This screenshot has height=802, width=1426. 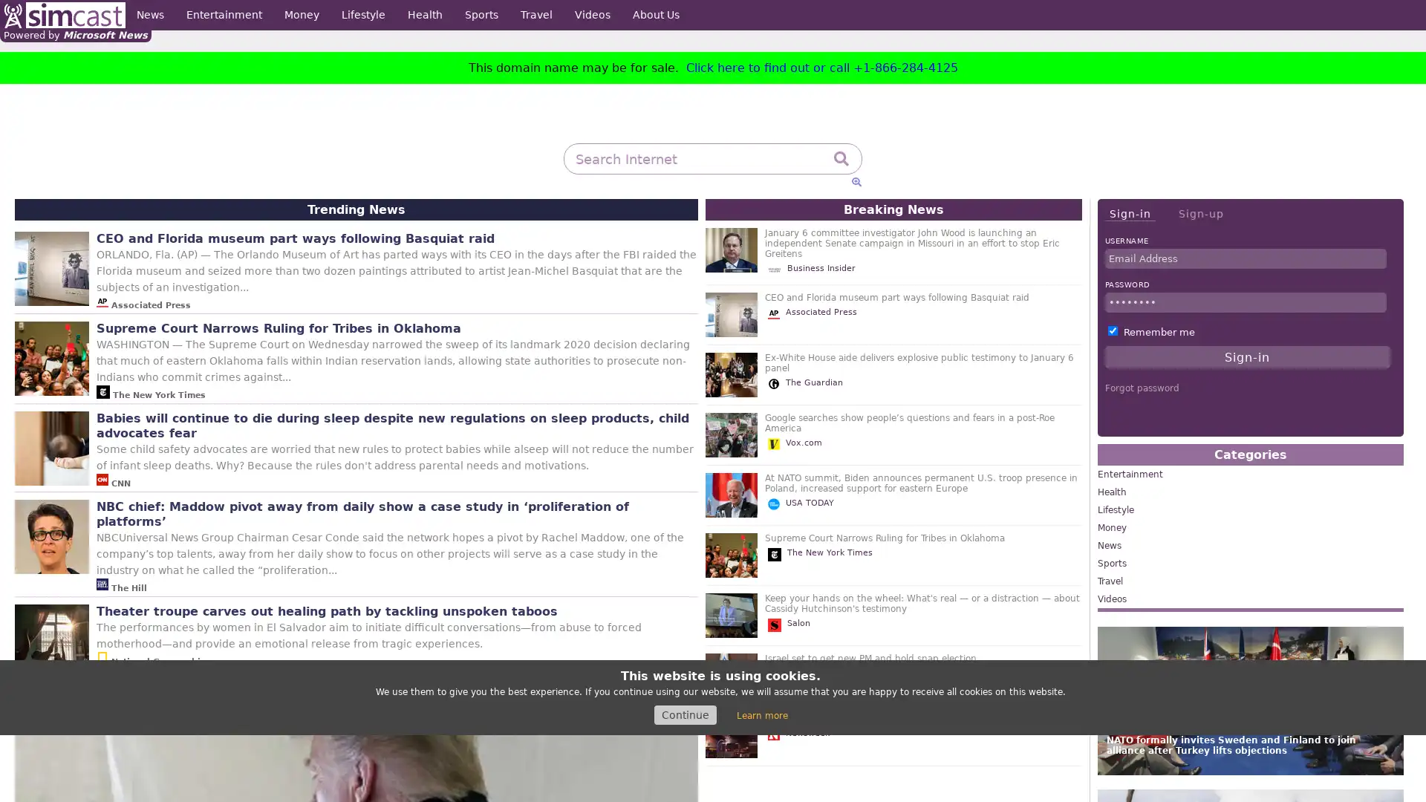 I want to click on Continue, so click(x=684, y=714).